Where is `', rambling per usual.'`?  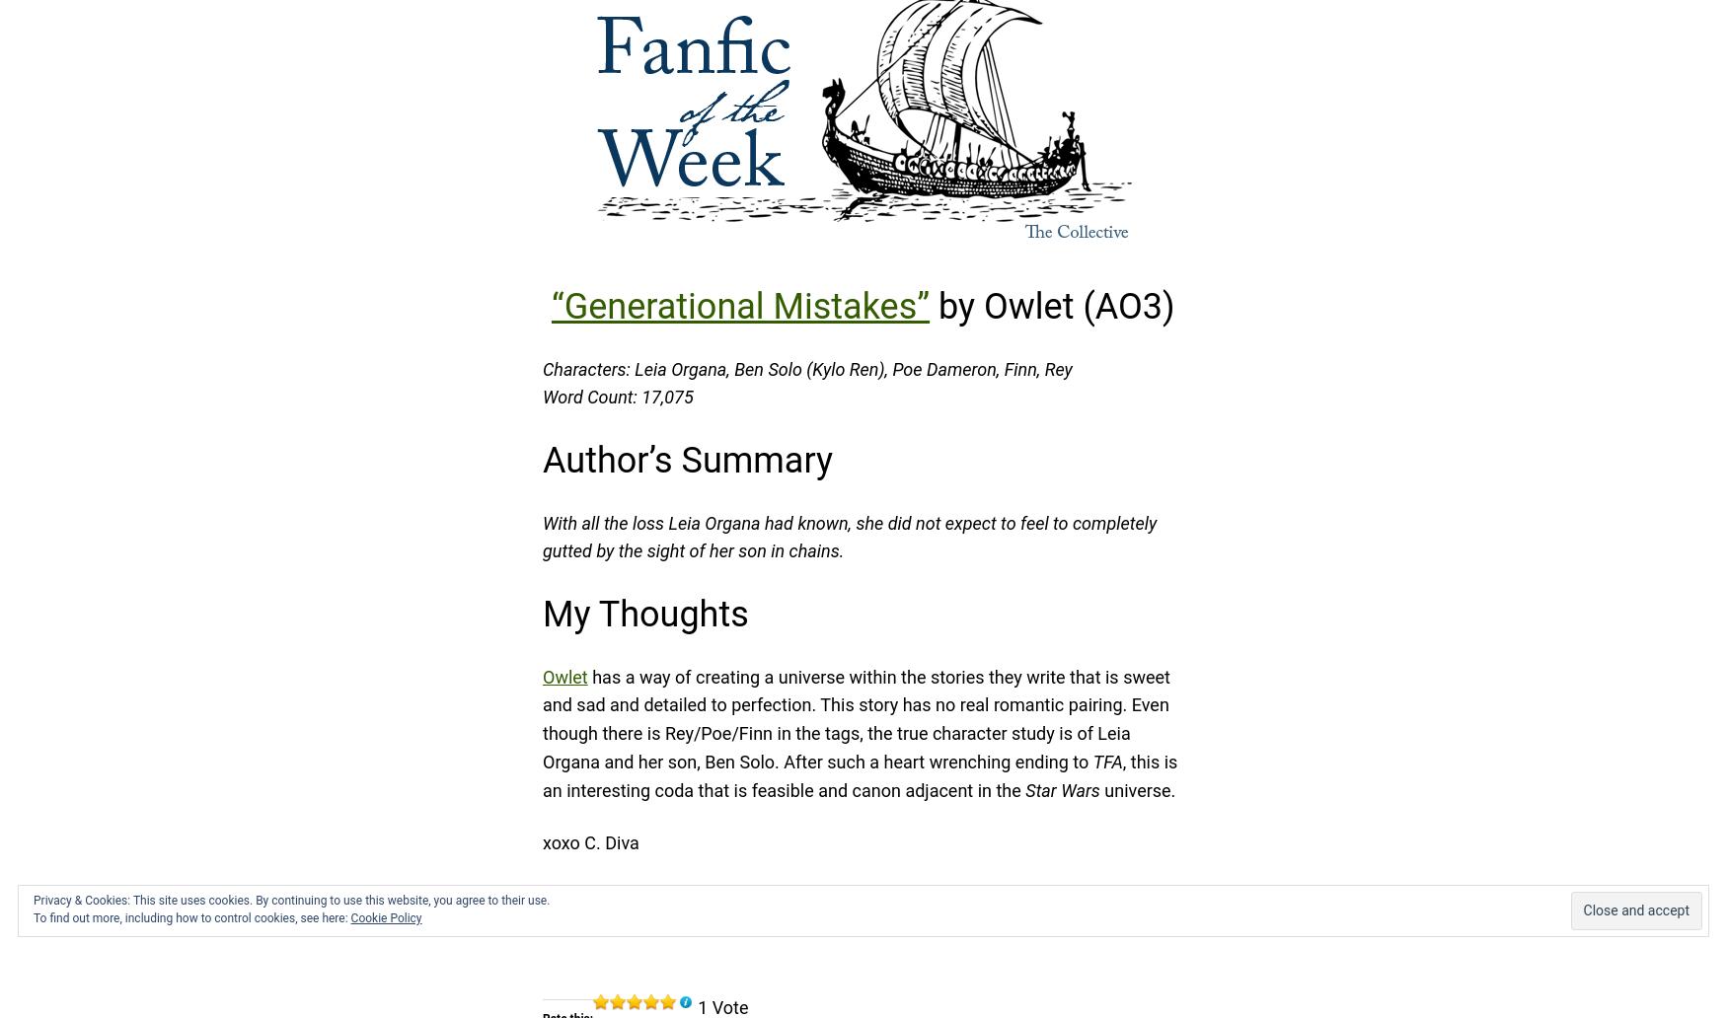
', rambling per usual.' is located at coordinates (898, 893).